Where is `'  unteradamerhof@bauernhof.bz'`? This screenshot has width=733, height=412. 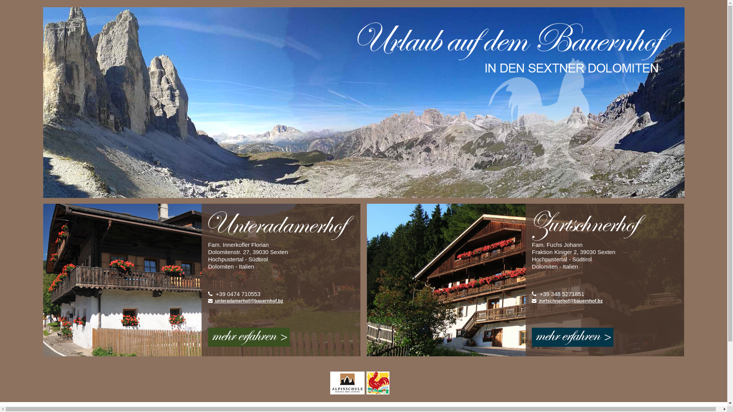 '  unteradamerhof@bauernhof.bz' is located at coordinates (245, 301).